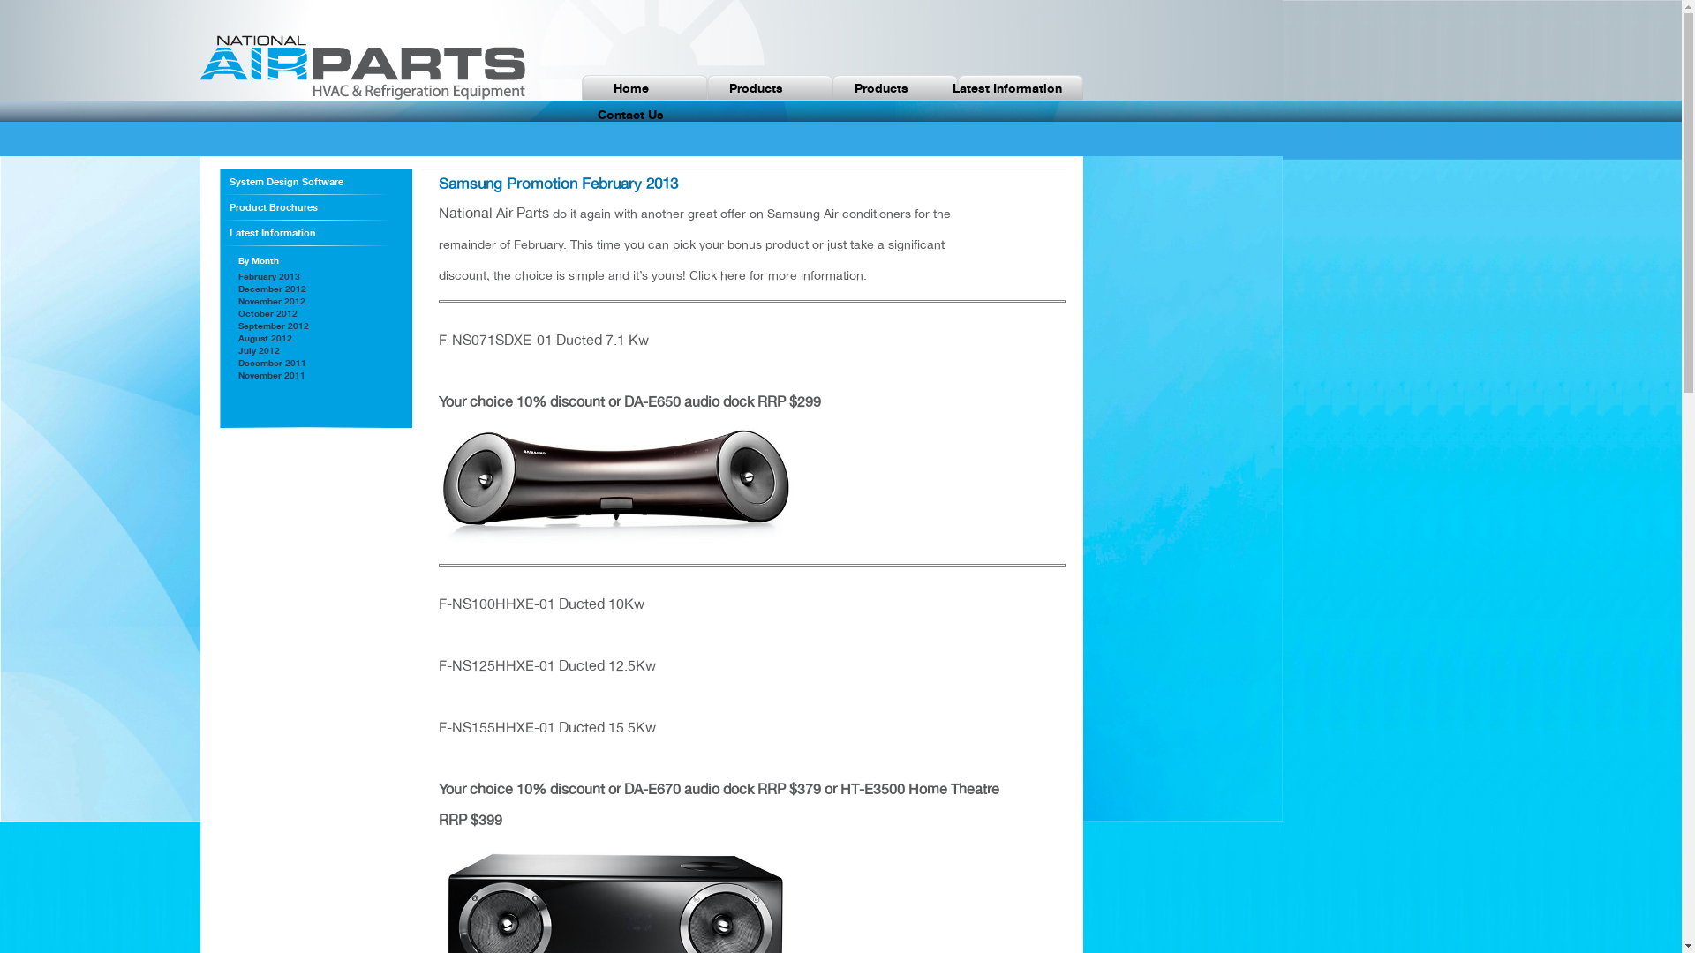 Image resolution: width=1695 pixels, height=953 pixels. What do you see at coordinates (631, 115) in the screenshot?
I see `'Contact Us'` at bounding box center [631, 115].